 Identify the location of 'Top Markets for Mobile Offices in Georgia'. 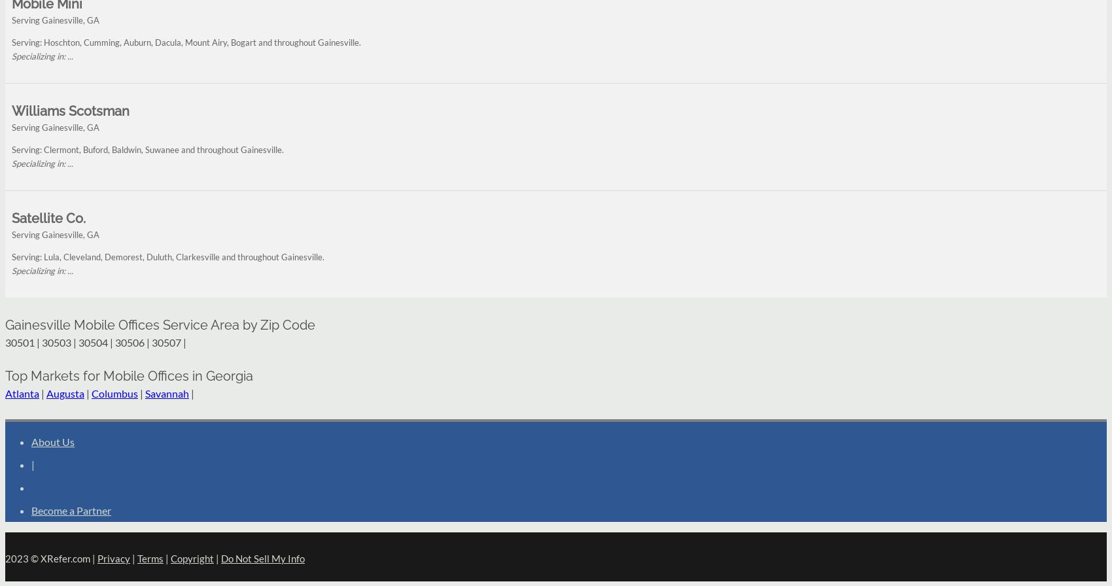
(128, 375).